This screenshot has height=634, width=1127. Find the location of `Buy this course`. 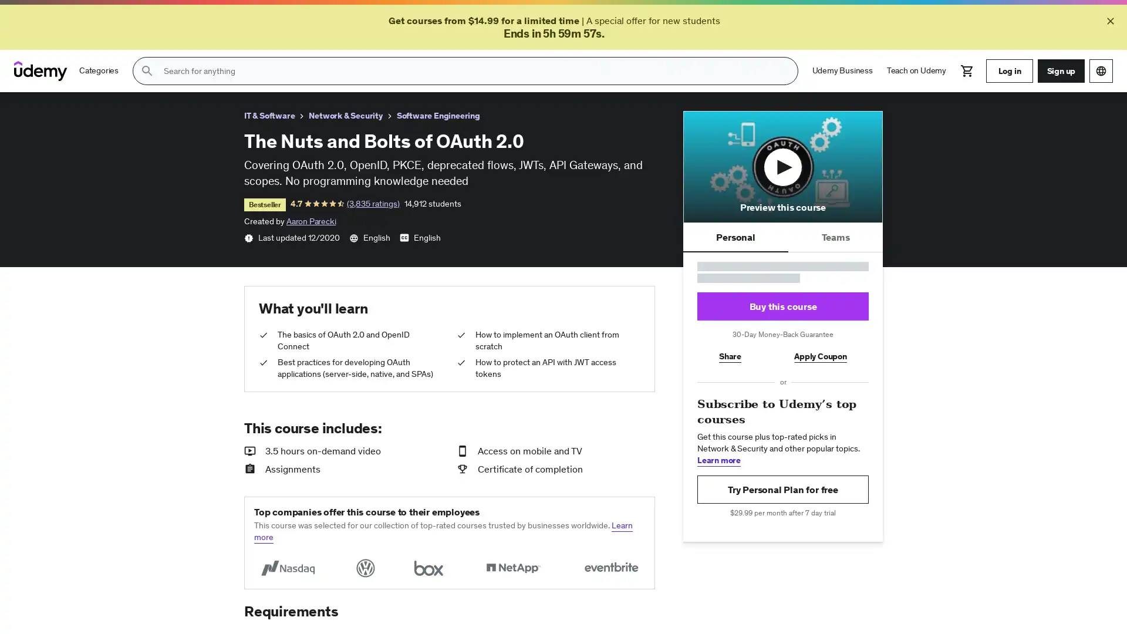

Buy this course is located at coordinates (783, 305).